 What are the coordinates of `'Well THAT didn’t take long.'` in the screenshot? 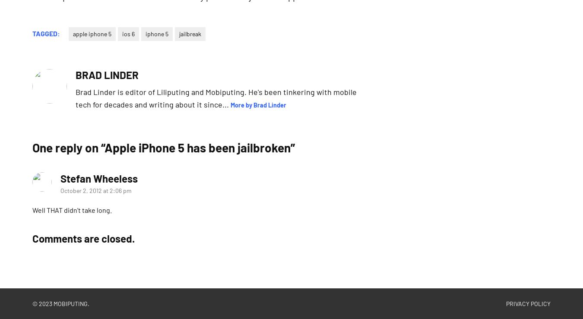 It's located at (72, 209).